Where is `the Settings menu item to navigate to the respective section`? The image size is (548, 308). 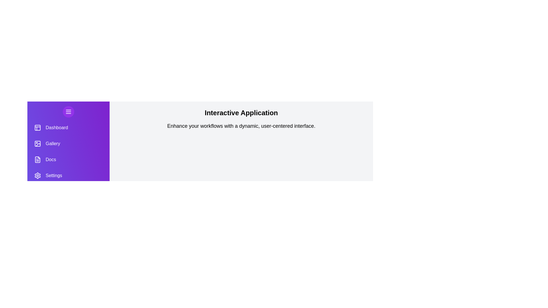
the Settings menu item to navigate to the respective section is located at coordinates (68, 175).